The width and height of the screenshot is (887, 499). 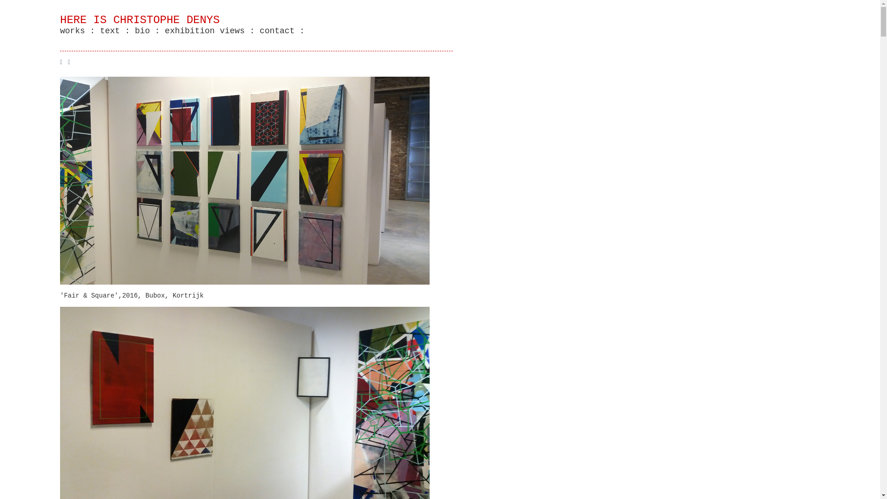 I want to click on 'HERE IS CHRISTOPHE DENYS', so click(x=59, y=20).